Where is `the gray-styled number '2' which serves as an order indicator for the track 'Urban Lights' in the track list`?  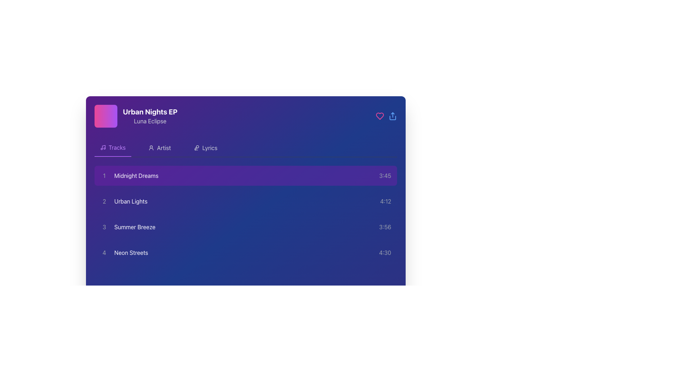
the gray-styled number '2' which serves as an order indicator for the track 'Urban Lights' in the track list is located at coordinates (104, 201).